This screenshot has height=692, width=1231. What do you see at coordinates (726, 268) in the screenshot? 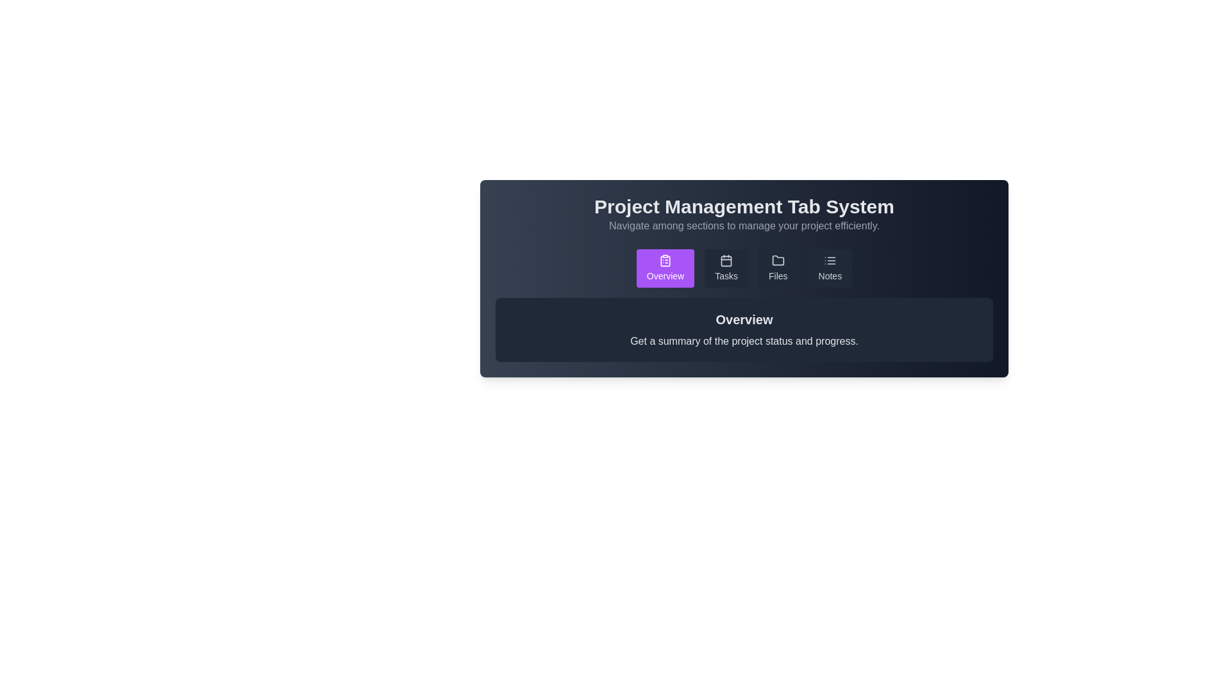
I see `the Tasks tab by clicking on its button` at bounding box center [726, 268].